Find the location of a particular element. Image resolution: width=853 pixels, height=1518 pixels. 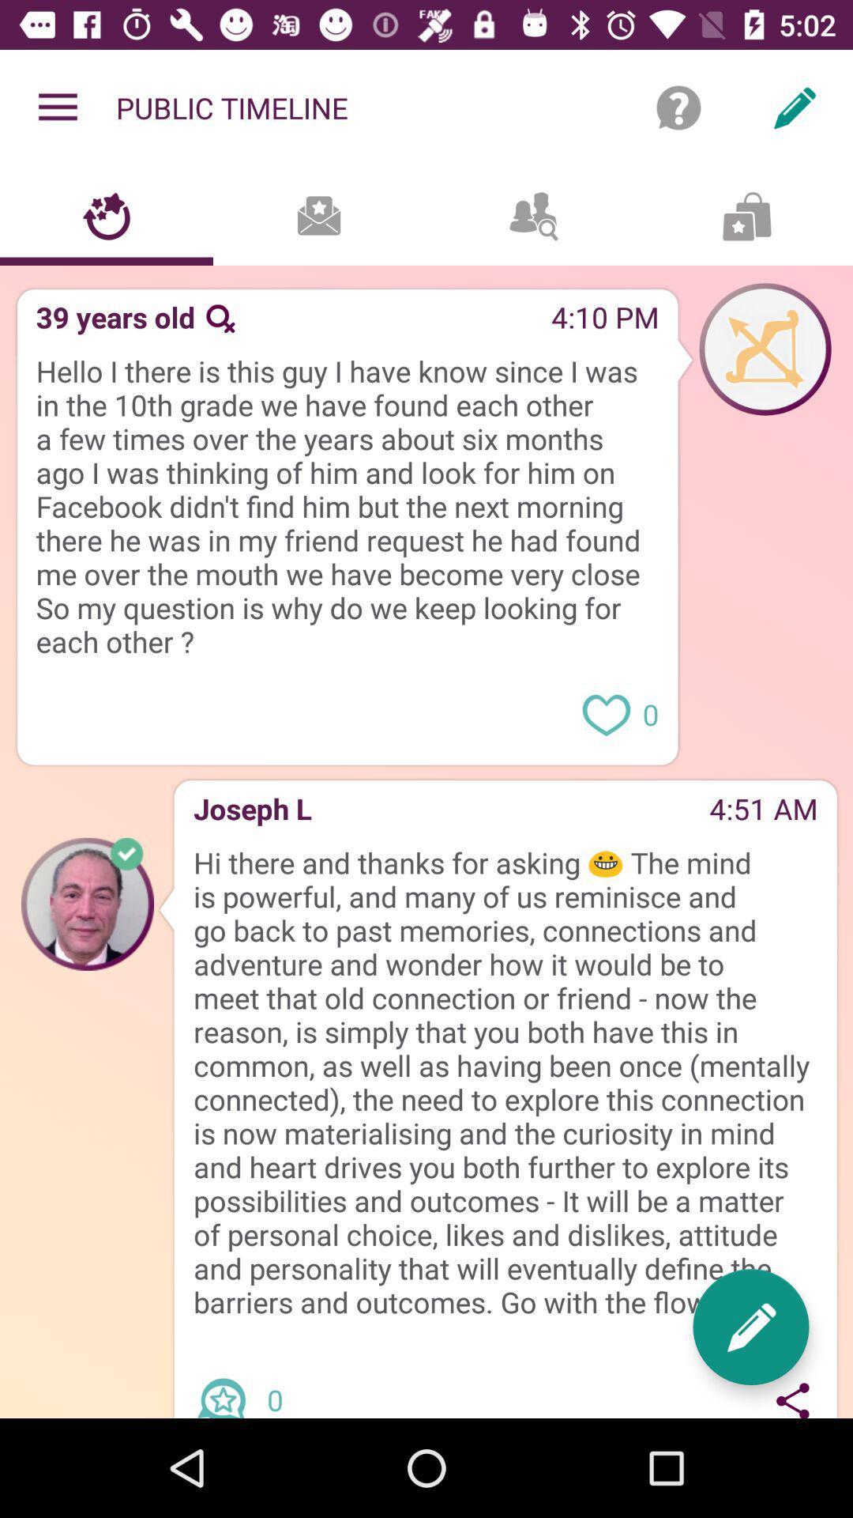

icon above hello i there is located at coordinates (392, 322).